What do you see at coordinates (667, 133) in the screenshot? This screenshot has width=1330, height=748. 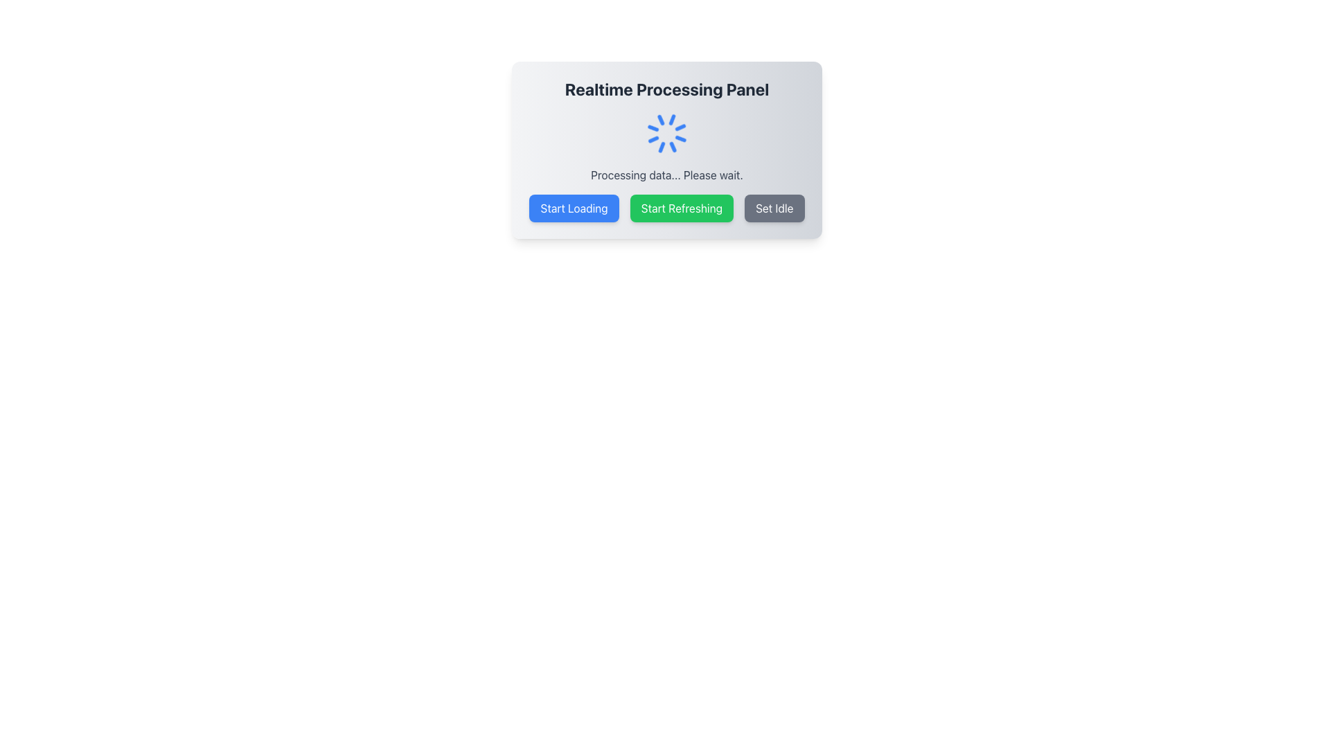 I see `the Loading Spinner located centrally below the 'Realtime Processing Panel' and above 'Processing data... Please wait.'` at bounding box center [667, 133].